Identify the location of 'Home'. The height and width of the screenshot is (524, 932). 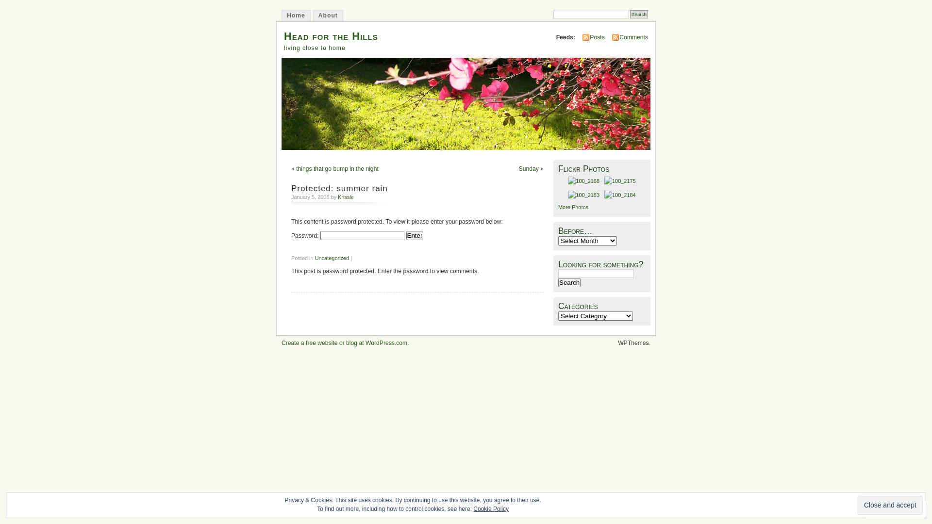
(295, 15).